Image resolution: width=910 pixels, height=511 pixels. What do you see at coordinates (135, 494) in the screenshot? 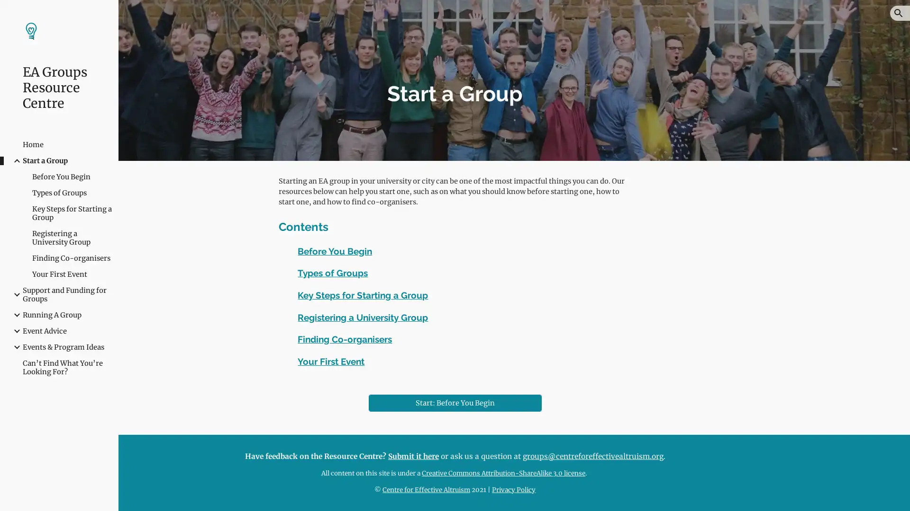
I see `Site actions` at bounding box center [135, 494].